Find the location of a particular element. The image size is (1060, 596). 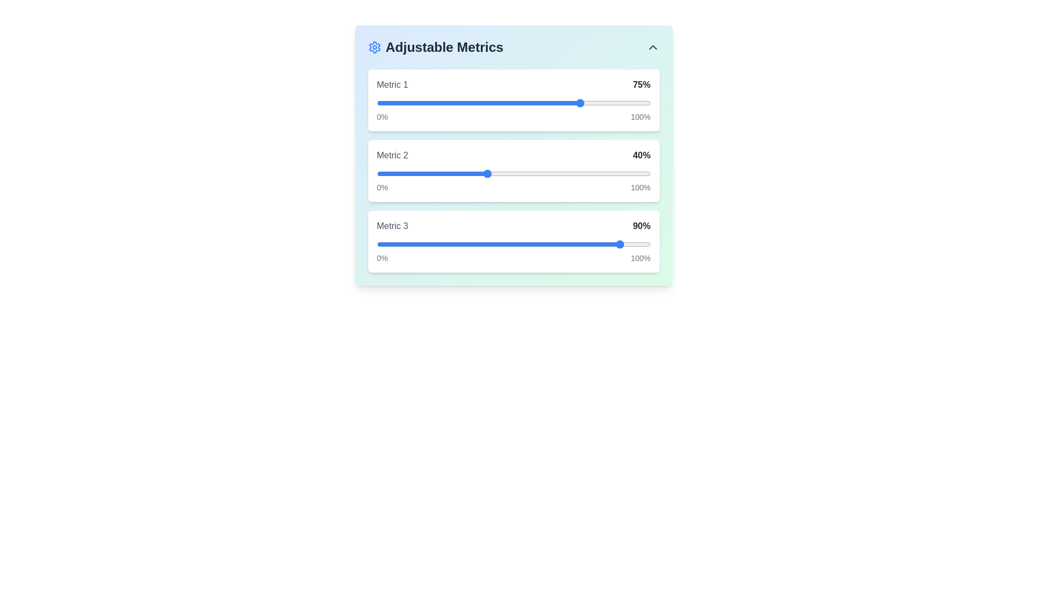

Metric 2 value is located at coordinates (417, 174).